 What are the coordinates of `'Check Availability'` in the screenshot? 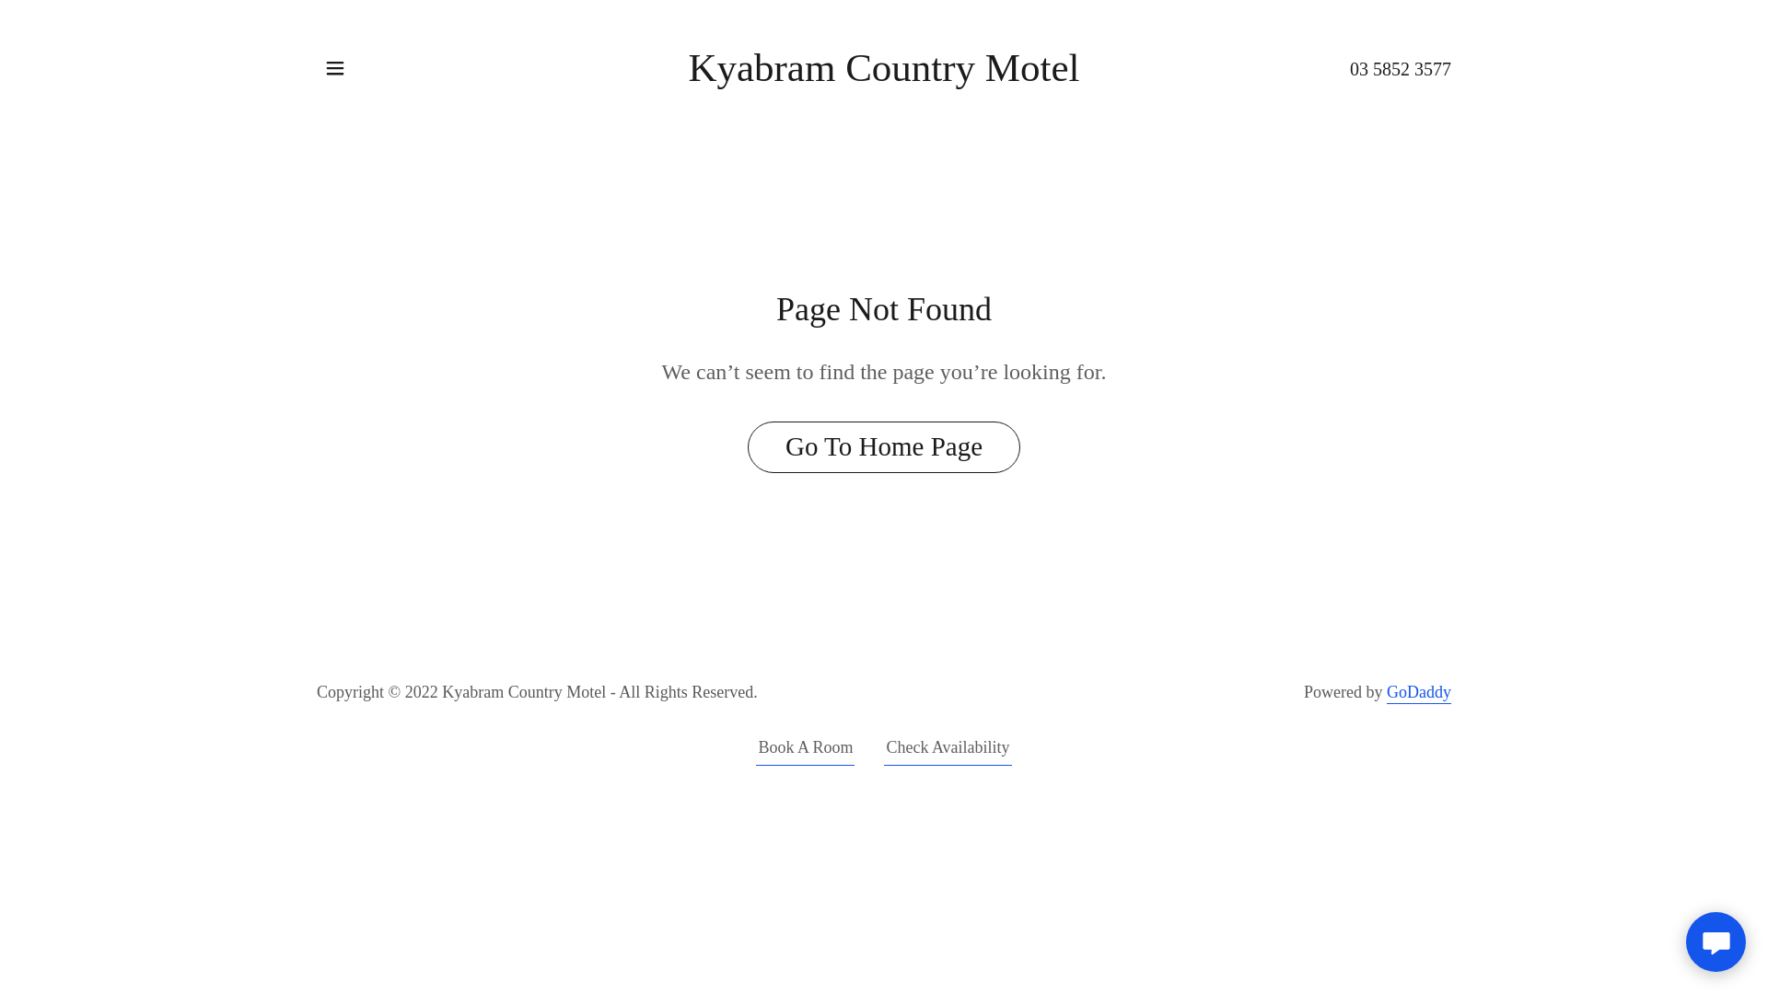 It's located at (947, 751).